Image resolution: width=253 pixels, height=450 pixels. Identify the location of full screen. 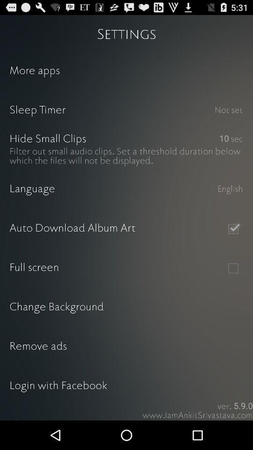
(232, 268).